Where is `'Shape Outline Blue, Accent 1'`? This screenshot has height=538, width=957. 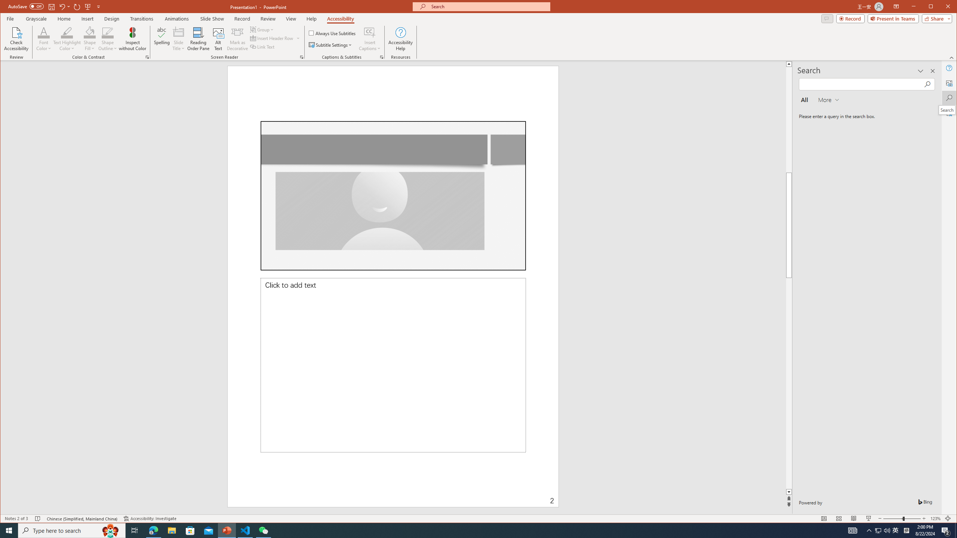
'Shape Outline Blue, Accent 1' is located at coordinates (108, 32).